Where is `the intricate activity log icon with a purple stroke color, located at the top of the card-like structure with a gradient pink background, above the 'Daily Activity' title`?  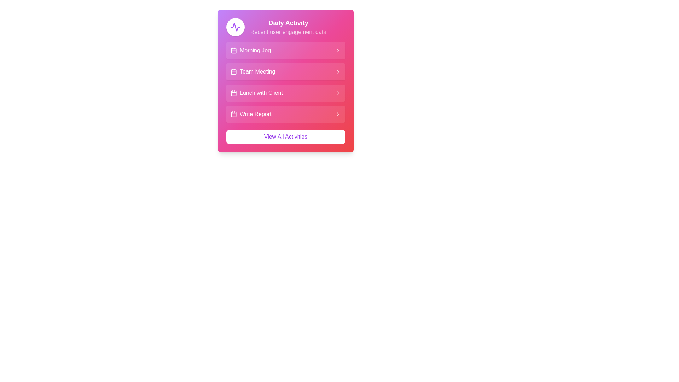
the intricate activity log icon with a purple stroke color, located at the top of the card-like structure with a gradient pink background, above the 'Daily Activity' title is located at coordinates (236, 27).